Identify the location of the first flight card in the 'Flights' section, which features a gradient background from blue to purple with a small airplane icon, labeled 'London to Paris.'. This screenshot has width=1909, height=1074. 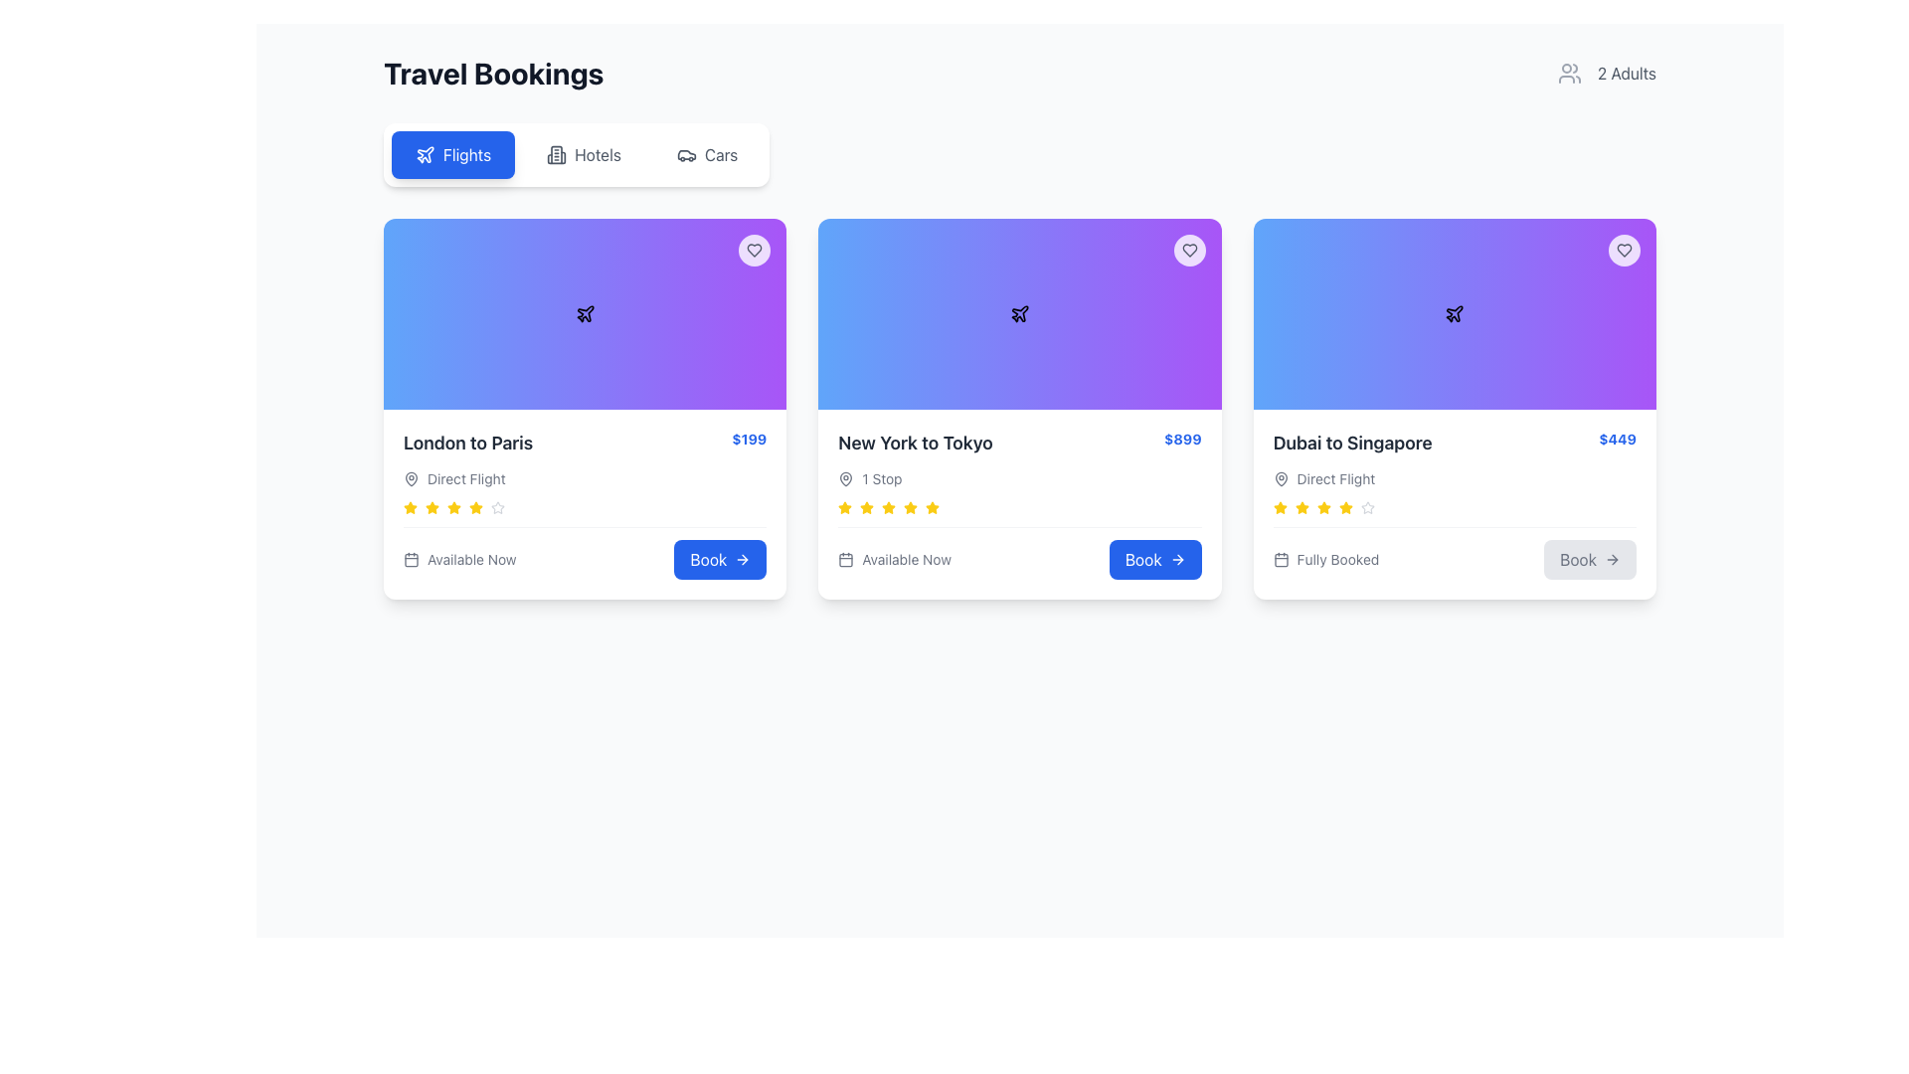
(584, 313).